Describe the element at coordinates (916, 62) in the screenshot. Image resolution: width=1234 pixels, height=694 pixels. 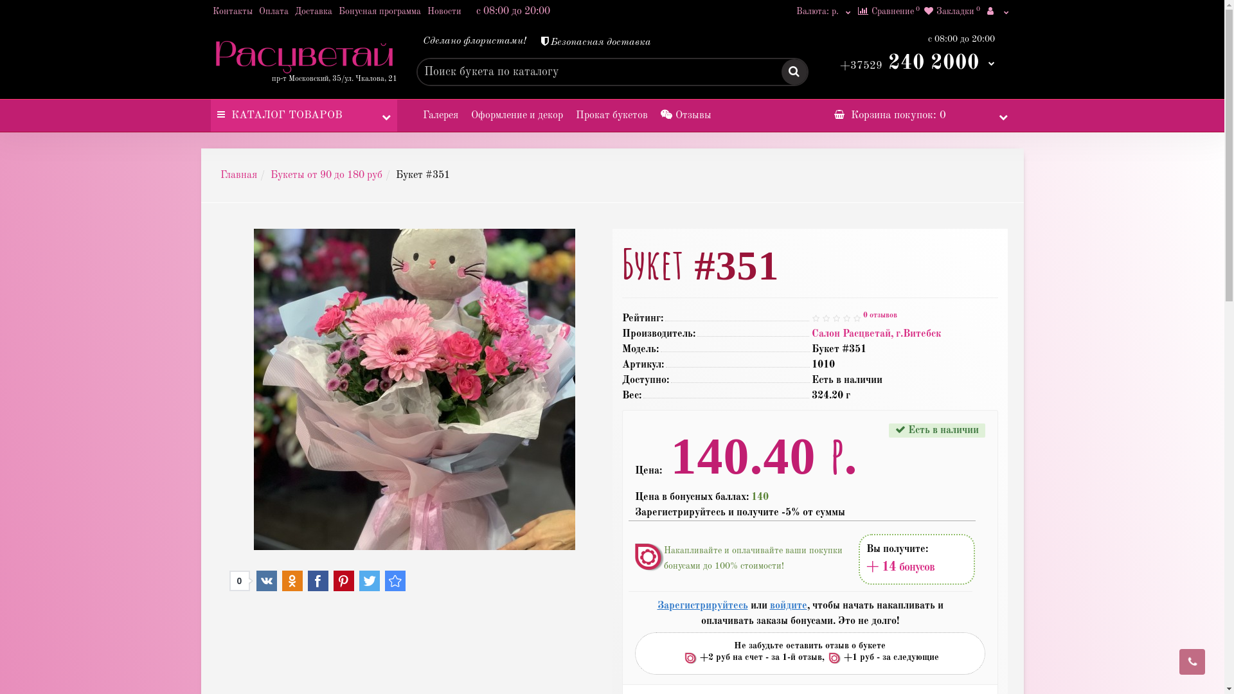
I see `'+37529 240 2000'` at that location.